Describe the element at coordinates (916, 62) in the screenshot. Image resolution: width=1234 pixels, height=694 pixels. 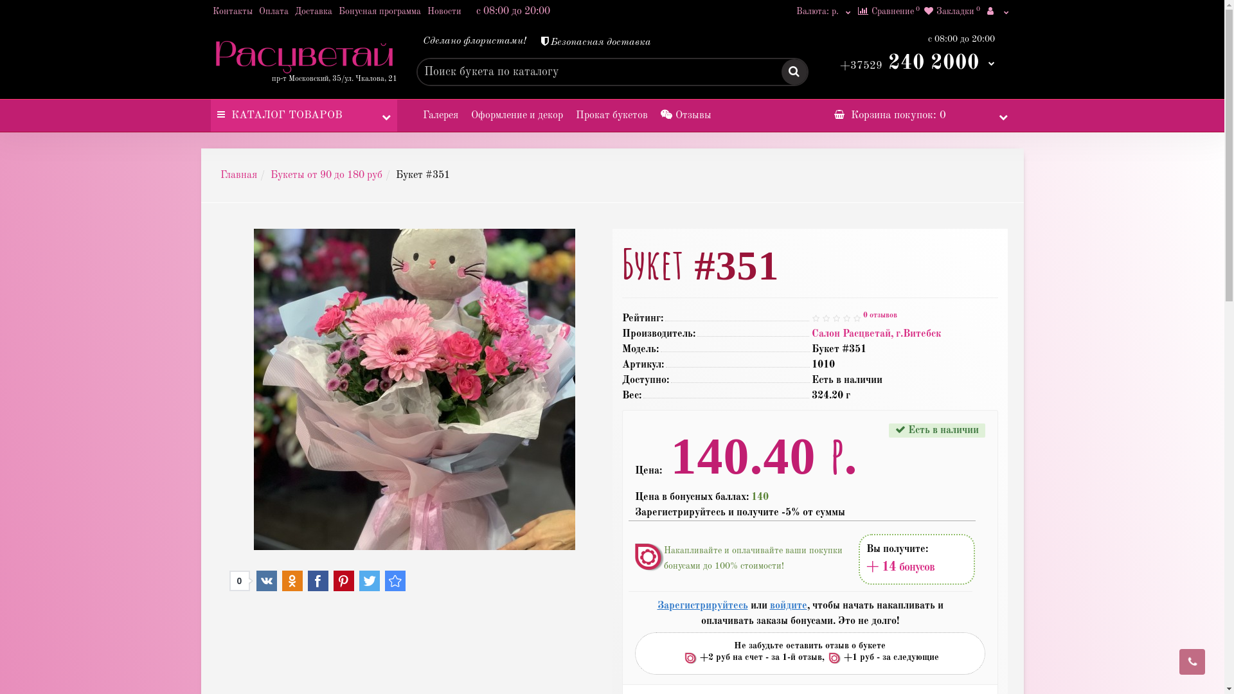
I see `'+37529 240 2000'` at that location.